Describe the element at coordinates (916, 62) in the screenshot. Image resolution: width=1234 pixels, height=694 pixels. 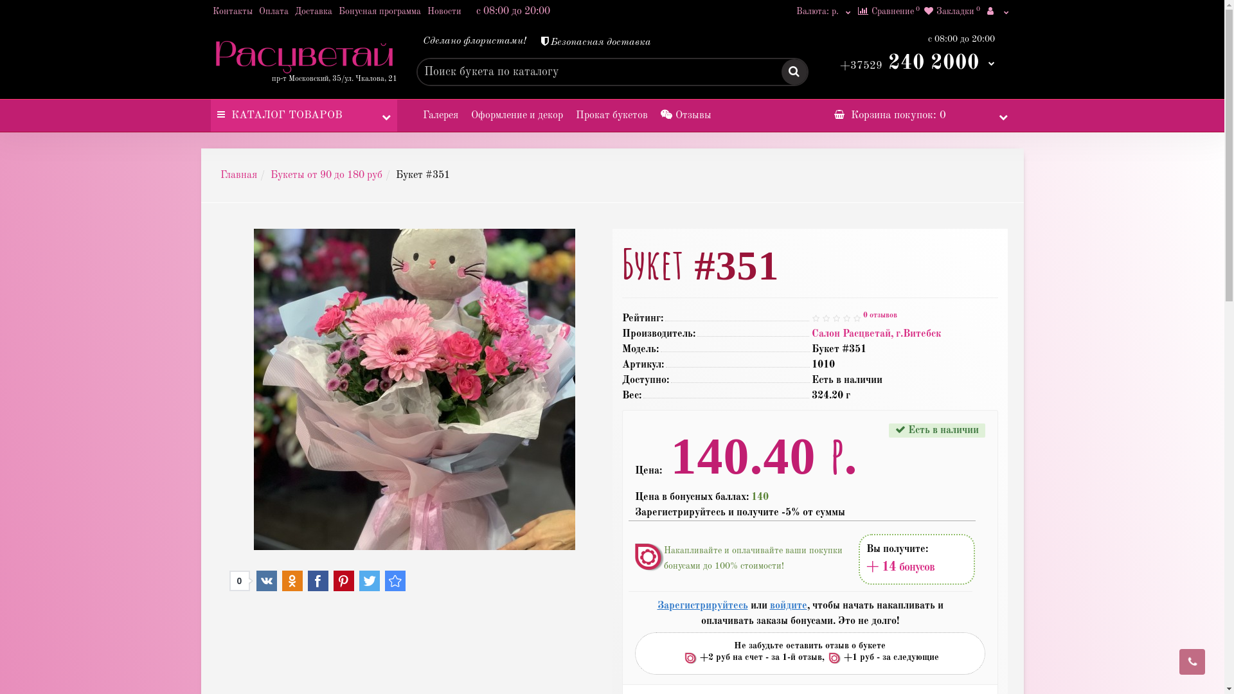
I see `'+37529 240 2000'` at that location.